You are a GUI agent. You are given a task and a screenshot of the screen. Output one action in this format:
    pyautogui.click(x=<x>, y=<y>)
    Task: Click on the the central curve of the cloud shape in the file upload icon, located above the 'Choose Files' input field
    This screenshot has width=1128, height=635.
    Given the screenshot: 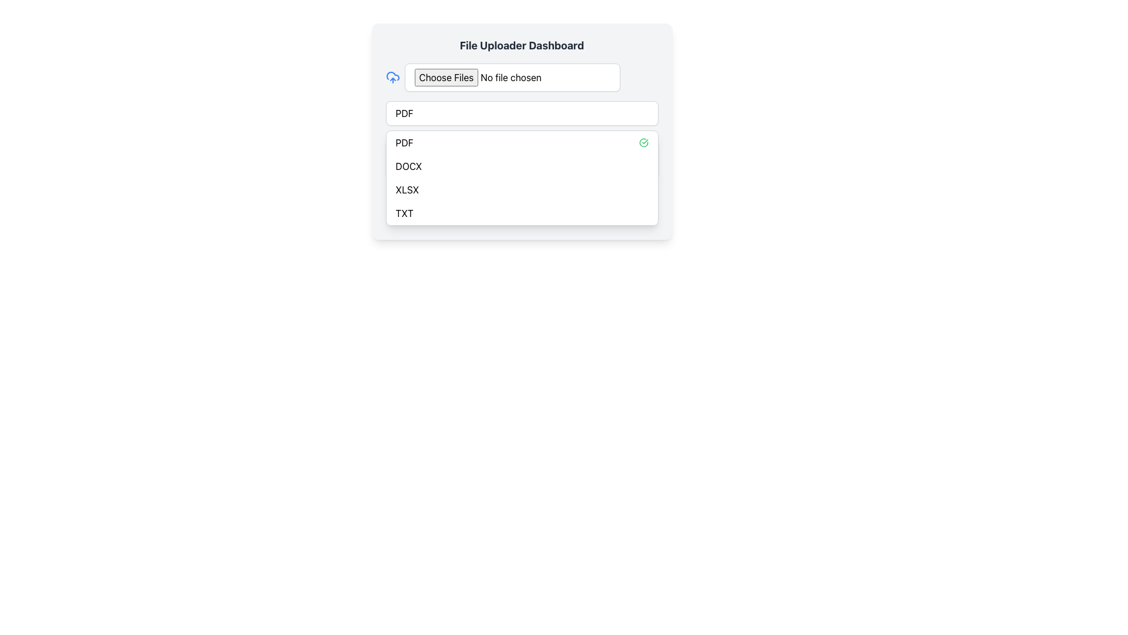 What is the action you would take?
    pyautogui.click(x=392, y=76)
    